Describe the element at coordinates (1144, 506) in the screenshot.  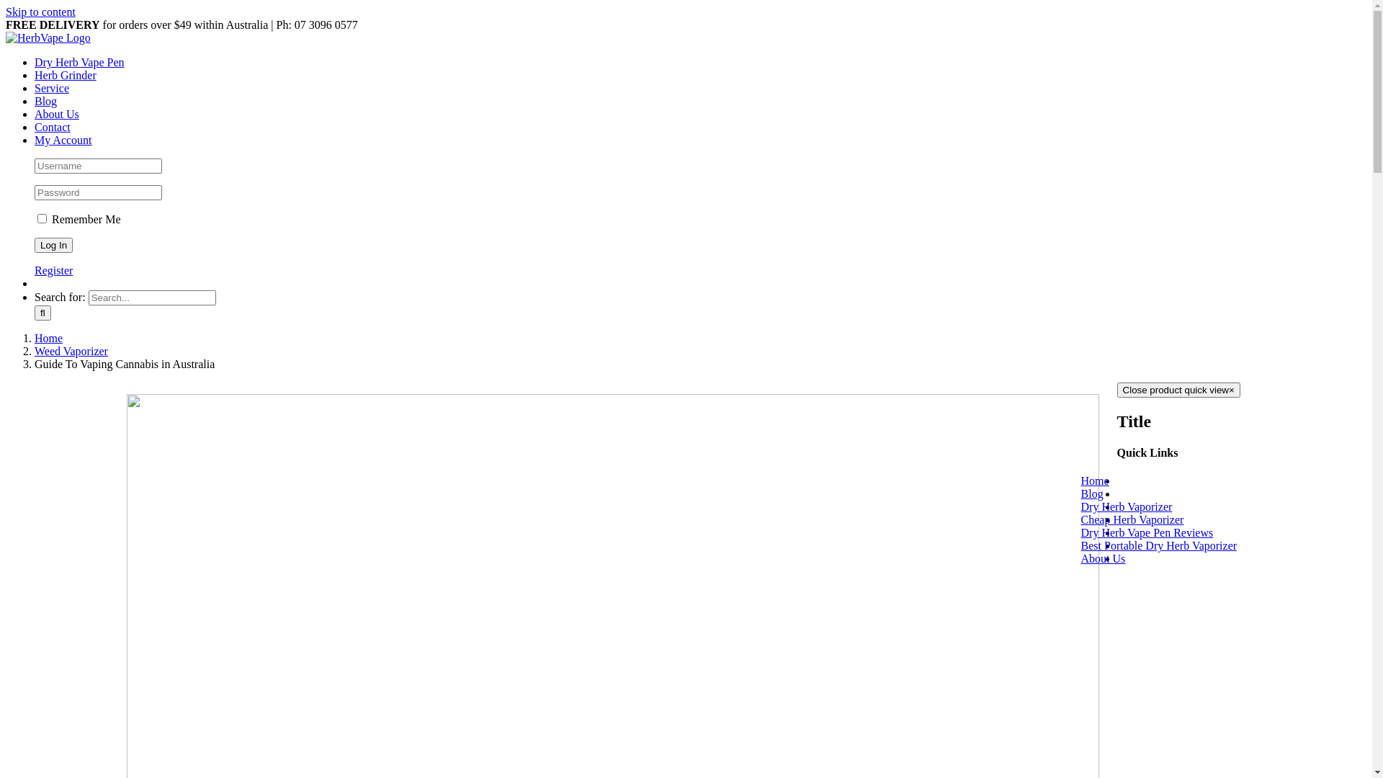
I see `'Dry Herb Vaporizer'` at that location.